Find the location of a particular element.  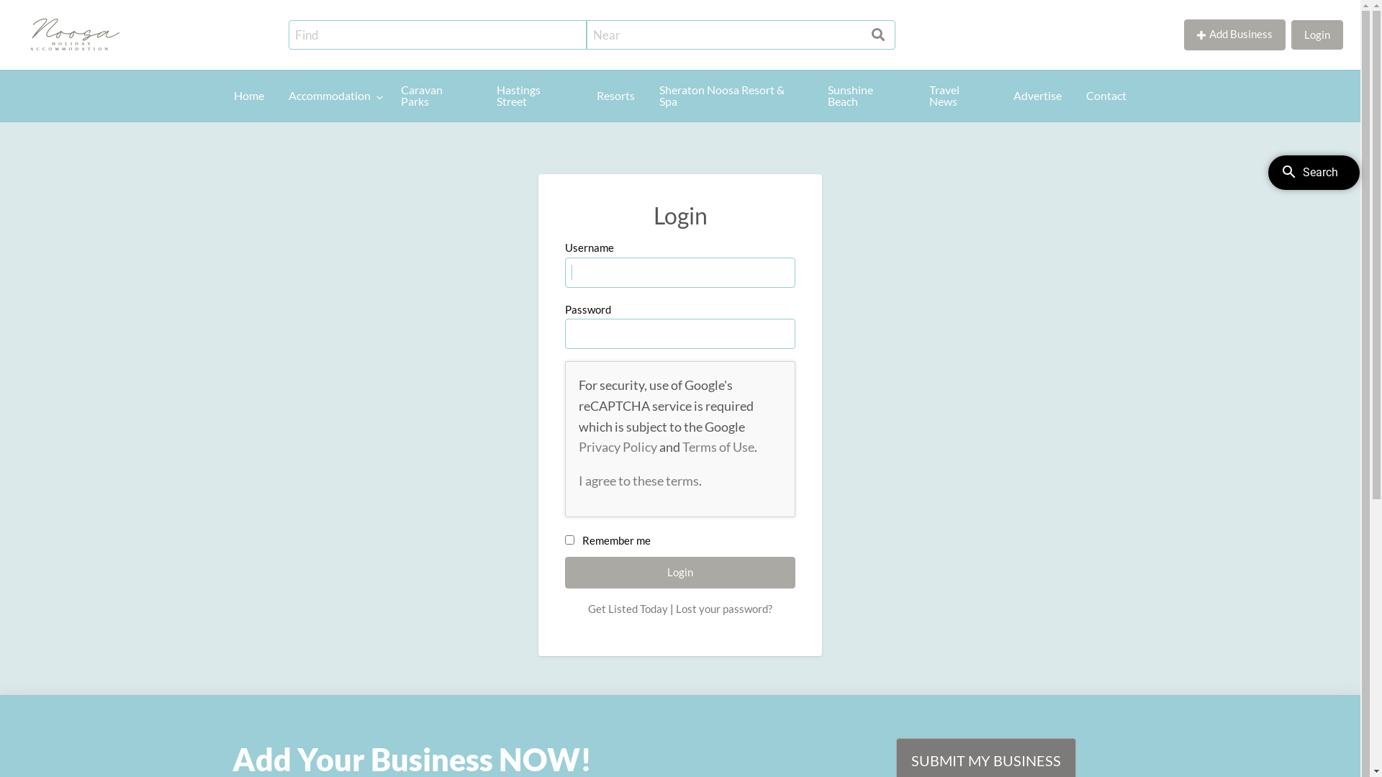

'Sunshine Beach' is located at coordinates (815, 96).